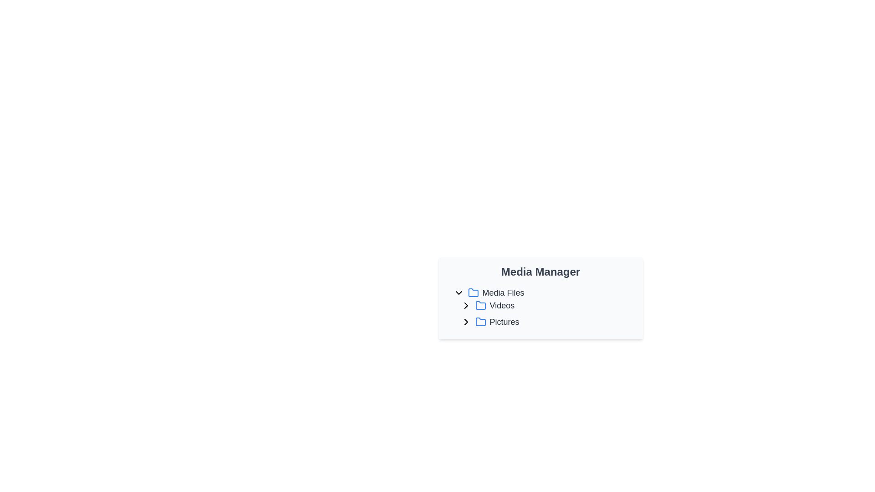 The image size is (875, 492). I want to click on the button located to the left of the 'Media Files' text, so click(458, 293).